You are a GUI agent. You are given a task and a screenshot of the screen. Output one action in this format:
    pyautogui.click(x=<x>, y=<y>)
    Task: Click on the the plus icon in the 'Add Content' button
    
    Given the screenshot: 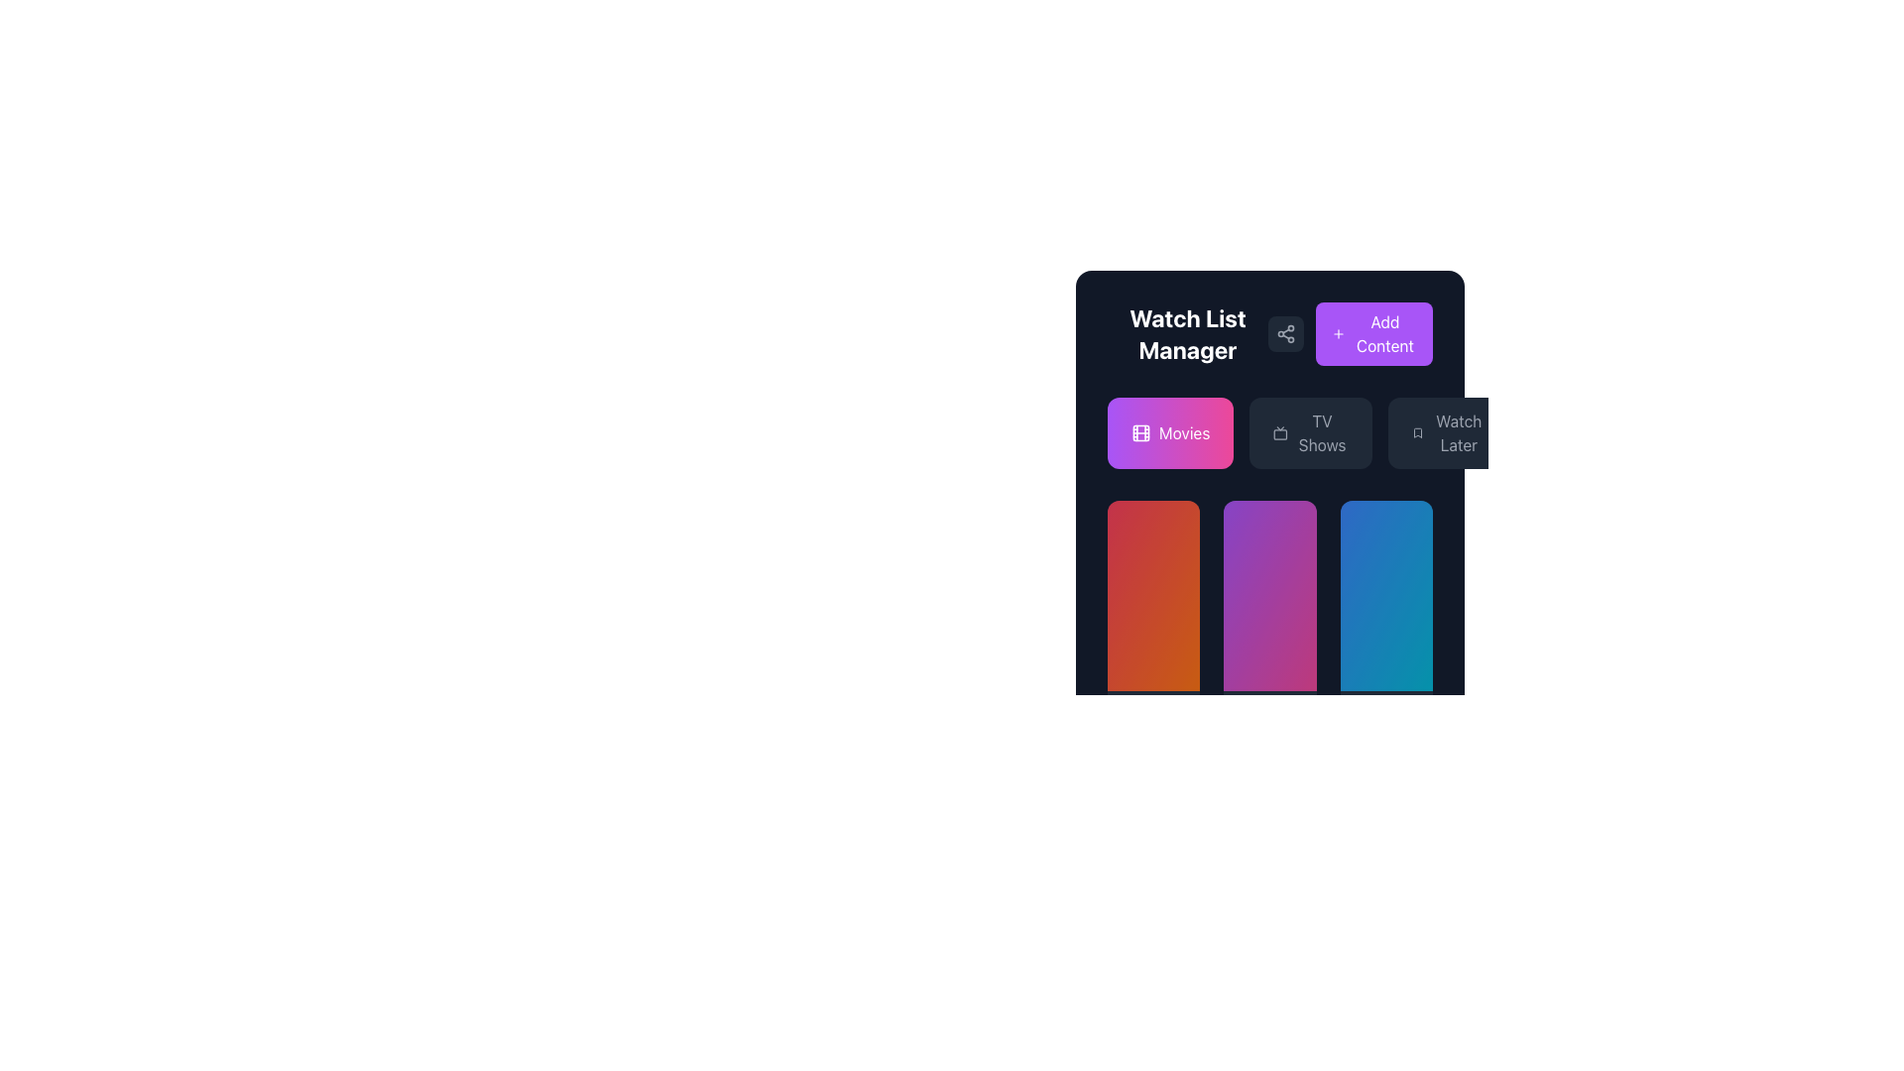 What is the action you would take?
    pyautogui.click(x=1338, y=332)
    